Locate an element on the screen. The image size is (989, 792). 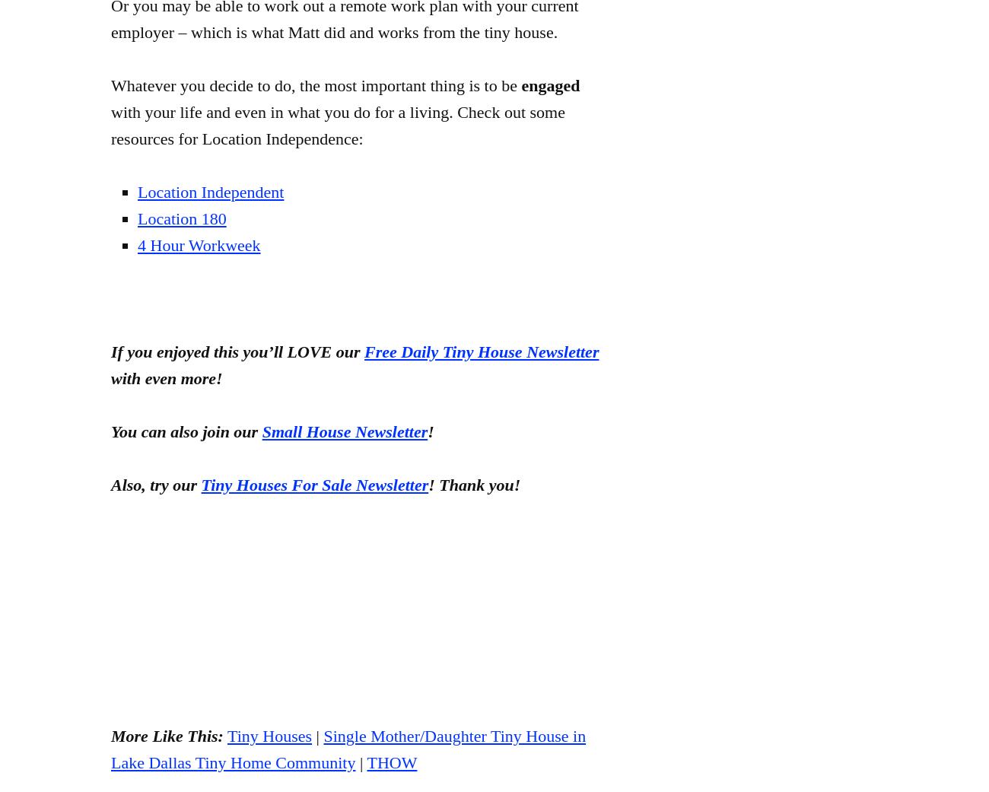
'! Thank you!' is located at coordinates (474, 484).